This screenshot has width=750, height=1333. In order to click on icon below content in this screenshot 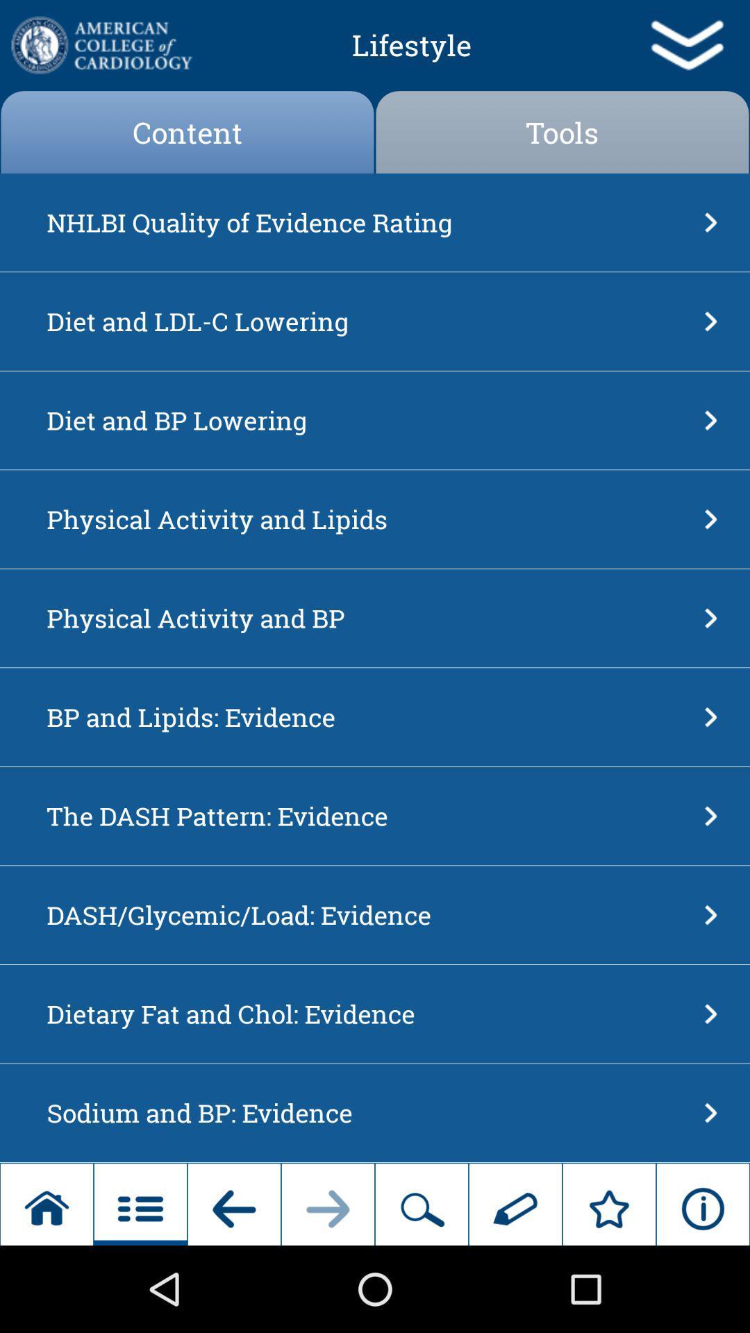, I will do `click(370, 222)`.